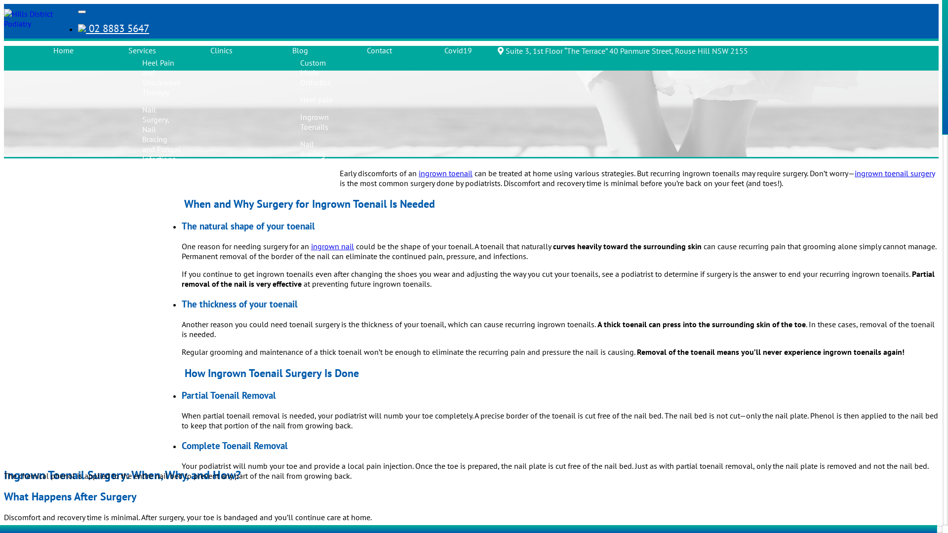  Describe the element at coordinates (895, 173) in the screenshot. I see `'ingrown toenail surgery'` at that location.